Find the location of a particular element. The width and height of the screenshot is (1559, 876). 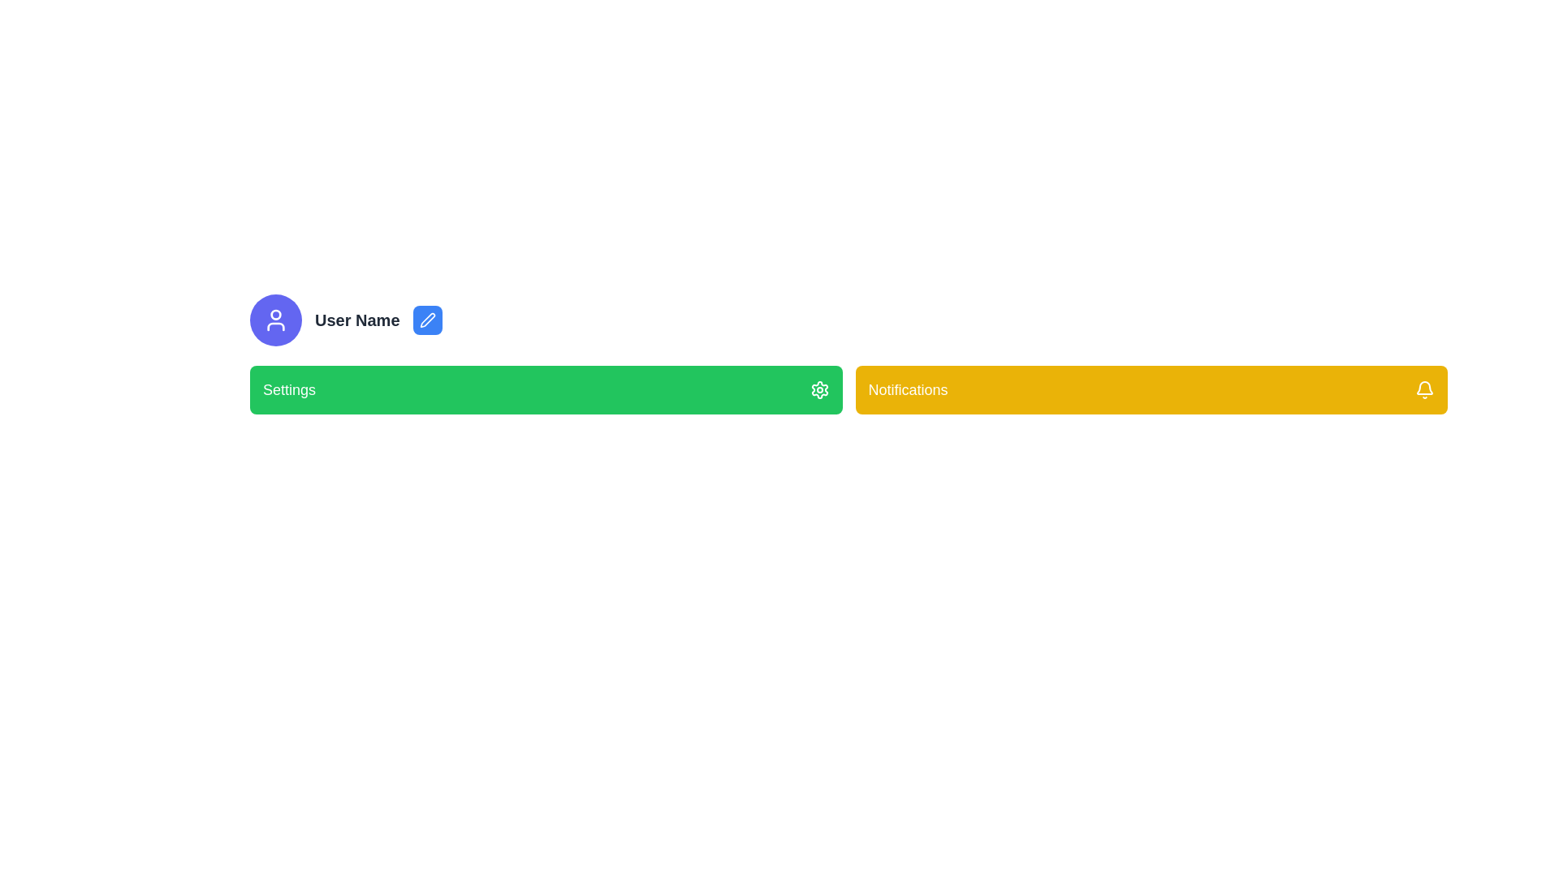

the 'Notifications' text label, which is styled in white on a yellow background and positioned in the top-right section of the layout, left of a bell icon is located at coordinates (907, 390).